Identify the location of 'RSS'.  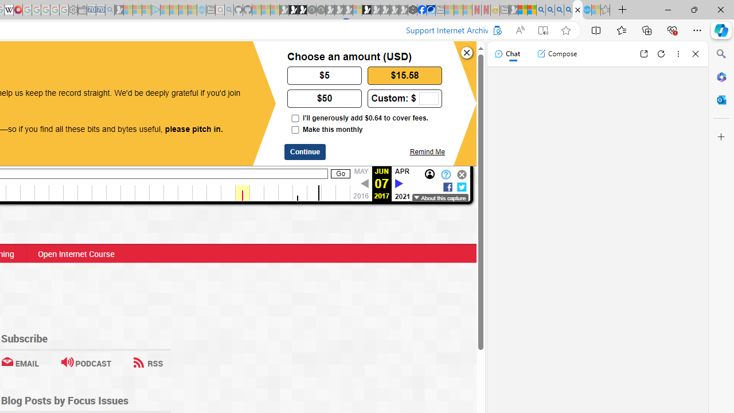
(147, 363).